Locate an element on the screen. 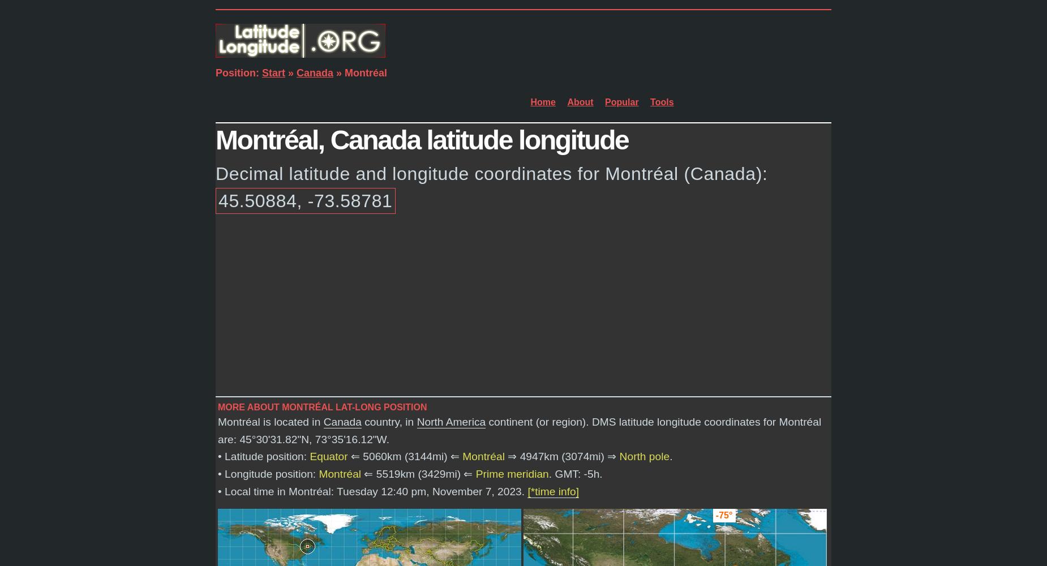 The width and height of the screenshot is (1047, 566). 'continent (or region). DMS latitude longitude coordinates for Montréal are:' is located at coordinates (519, 430).